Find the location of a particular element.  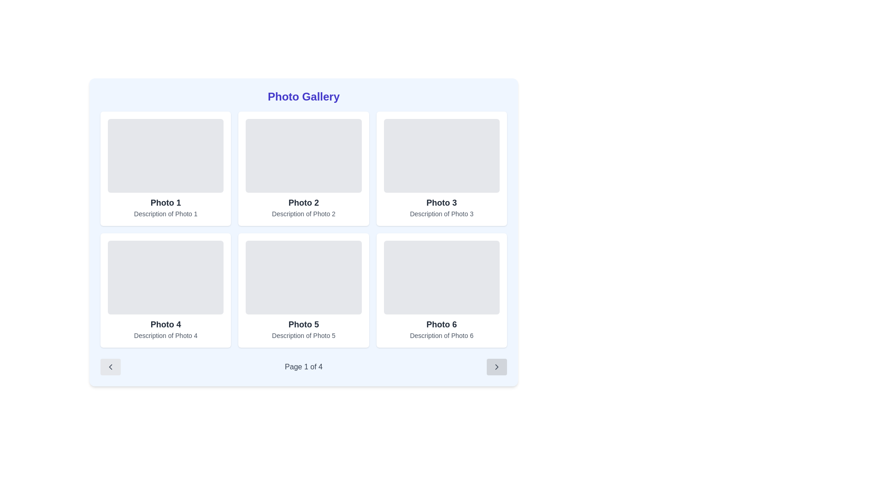

the static text label located beneath the title 'Photo 4' to provide additional context is located at coordinates (165, 336).